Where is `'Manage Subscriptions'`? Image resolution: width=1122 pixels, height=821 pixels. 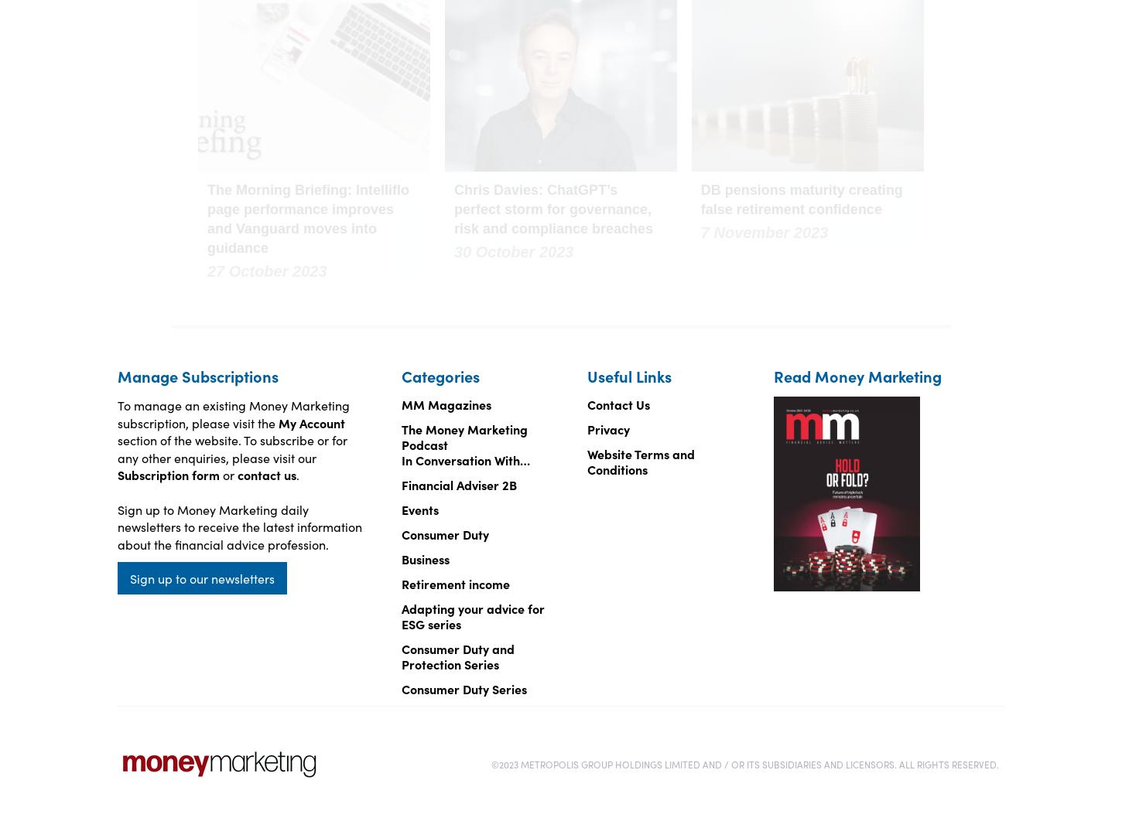
'Manage Subscriptions' is located at coordinates (197, 374).